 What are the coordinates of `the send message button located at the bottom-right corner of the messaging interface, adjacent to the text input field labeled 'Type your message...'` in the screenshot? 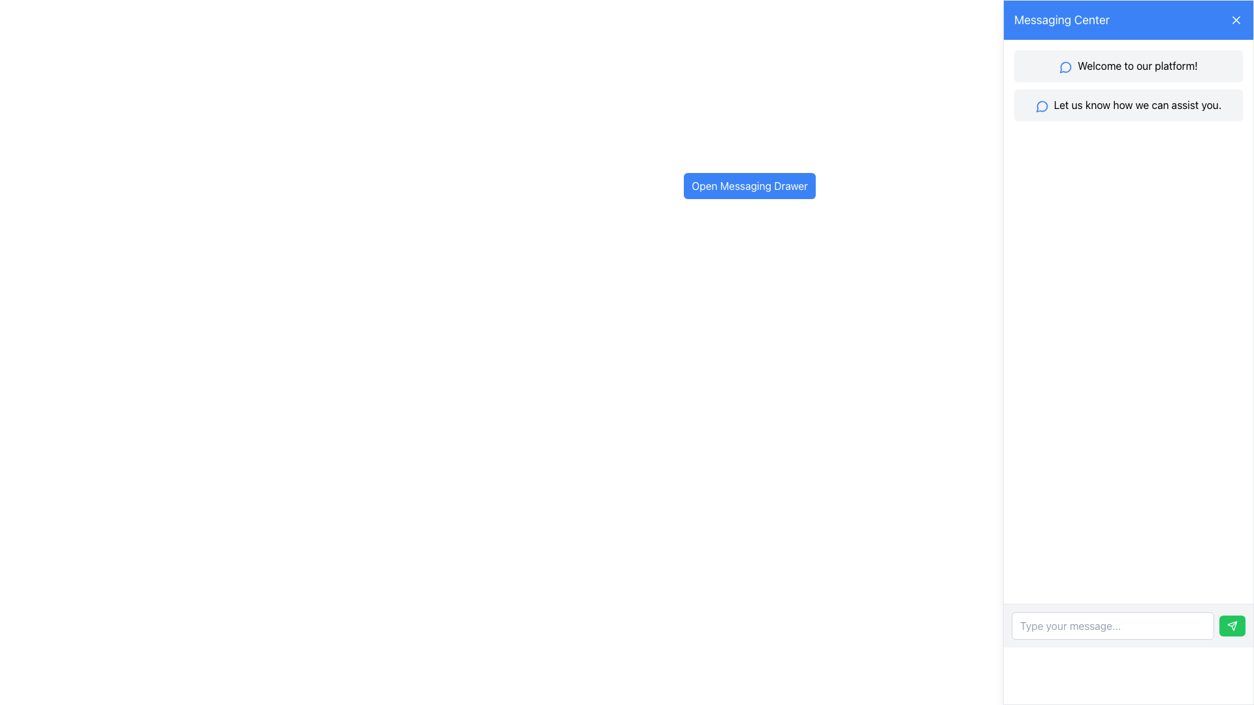 It's located at (1231, 625).